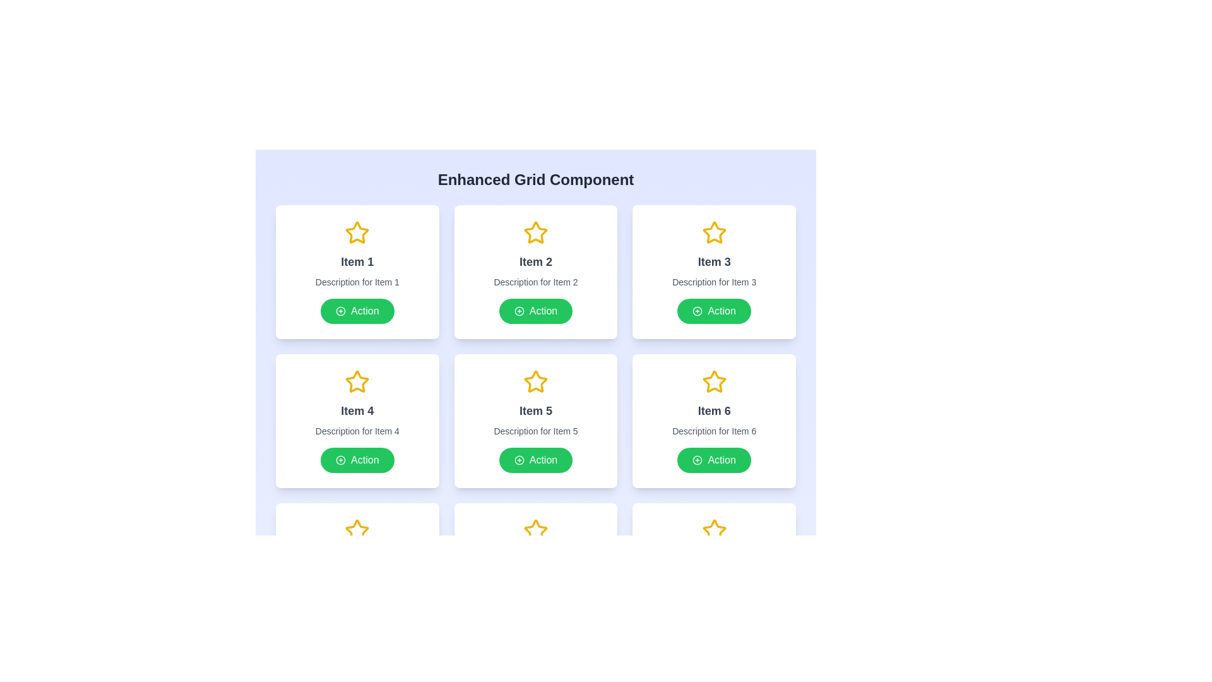  Describe the element at coordinates (714, 311) in the screenshot. I see `the green button with rounded edges displaying a white plus icon and the text 'Action' located in the card layout titled 'Item 3' in the top-right section of the grid` at that location.